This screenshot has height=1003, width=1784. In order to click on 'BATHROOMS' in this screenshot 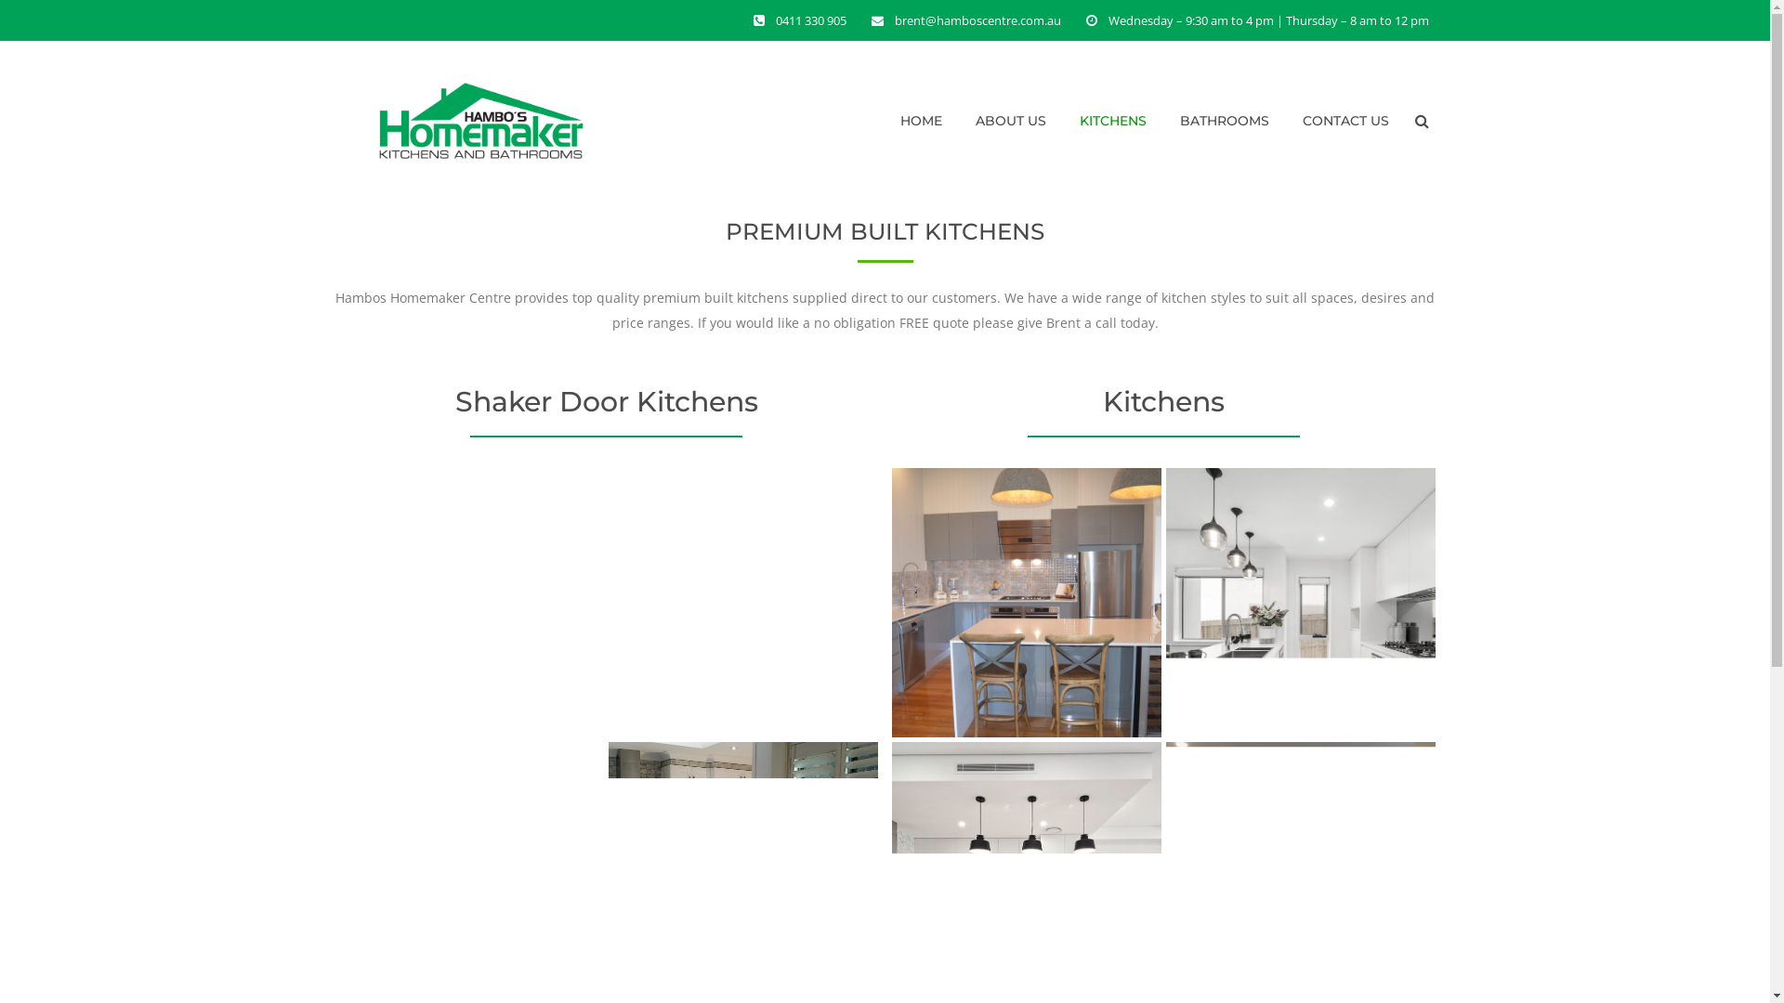, I will do `click(1225, 121)`.